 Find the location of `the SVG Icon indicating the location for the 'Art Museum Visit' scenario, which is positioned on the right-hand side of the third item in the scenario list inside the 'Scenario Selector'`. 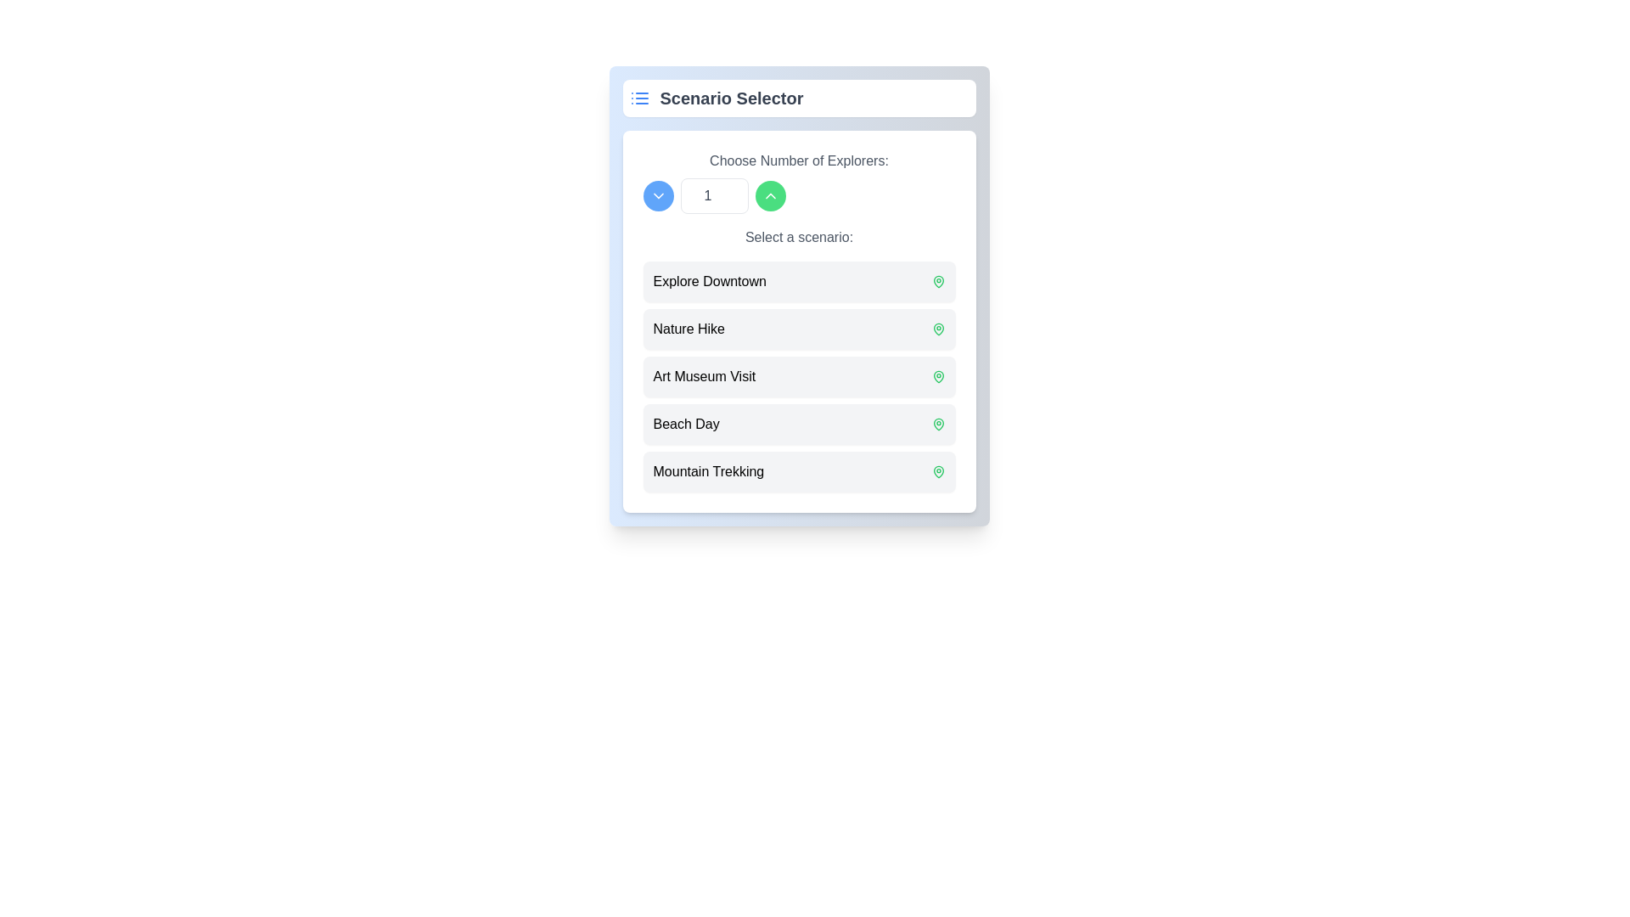

the SVG Icon indicating the location for the 'Art Museum Visit' scenario, which is positioned on the right-hand side of the third item in the scenario list inside the 'Scenario Selector' is located at coordinates (937, 375).